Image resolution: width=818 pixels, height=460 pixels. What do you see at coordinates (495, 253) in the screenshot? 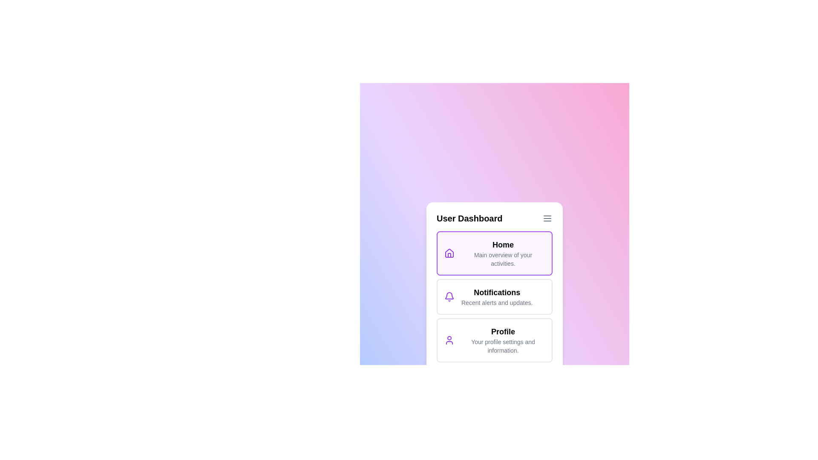
I see `the menu item corresponding to Home` at bounding box center [495, 253].